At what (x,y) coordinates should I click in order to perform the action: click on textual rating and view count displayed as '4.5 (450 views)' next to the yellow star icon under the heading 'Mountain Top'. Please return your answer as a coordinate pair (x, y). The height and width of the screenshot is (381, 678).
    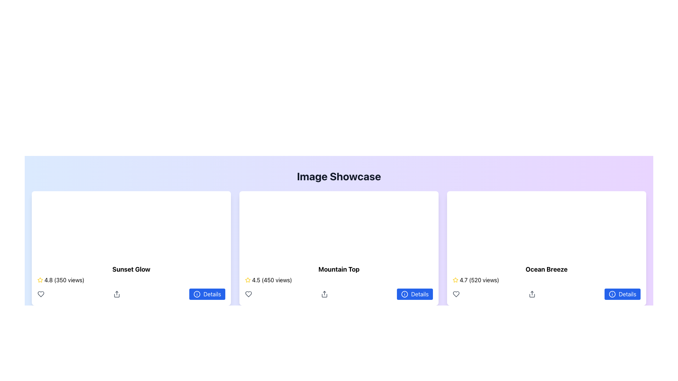
    Looking at the image, I should click on (272, 280).